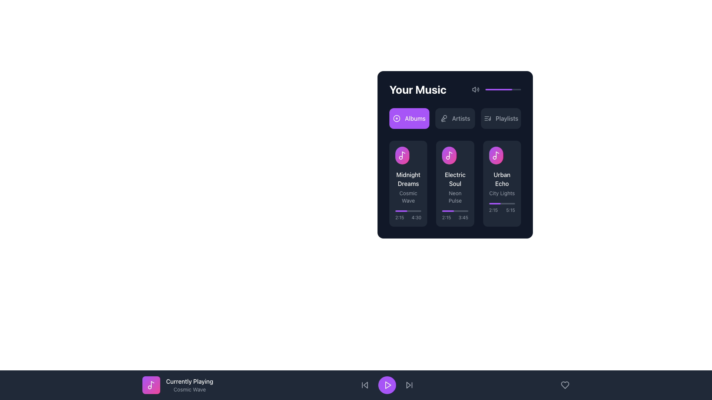 This screenshot has width=712, height=400. Describe the element at coordinates (500, 89) in the screenshot. I see `the volume slider` at that location.